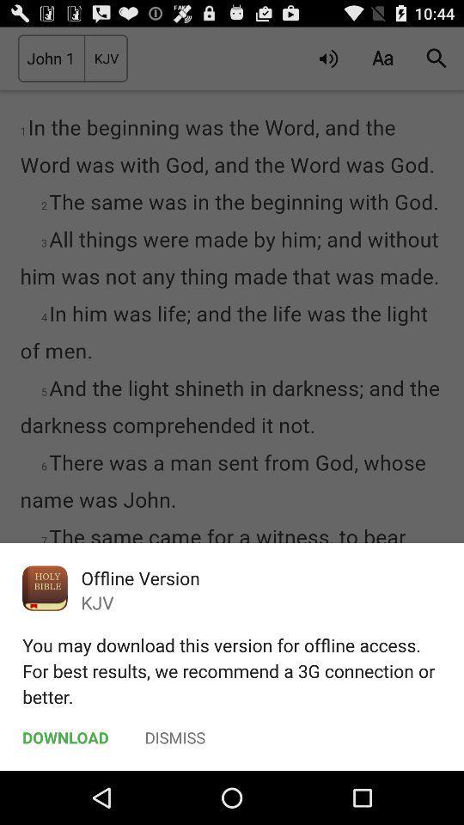  What do you see at coordinates (232, 399) in the screenshot?
I see `item at the center` at bounding box center [232, 399].